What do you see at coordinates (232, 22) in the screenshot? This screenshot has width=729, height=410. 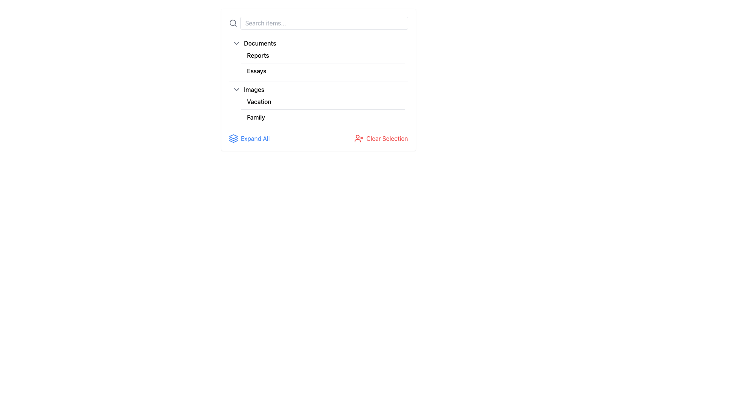 I see `the circular graphic element within the SVG component located in the top-left corner of the interface, adjacent to the 'Search items...' text input field` at bounding box center [232, 22].